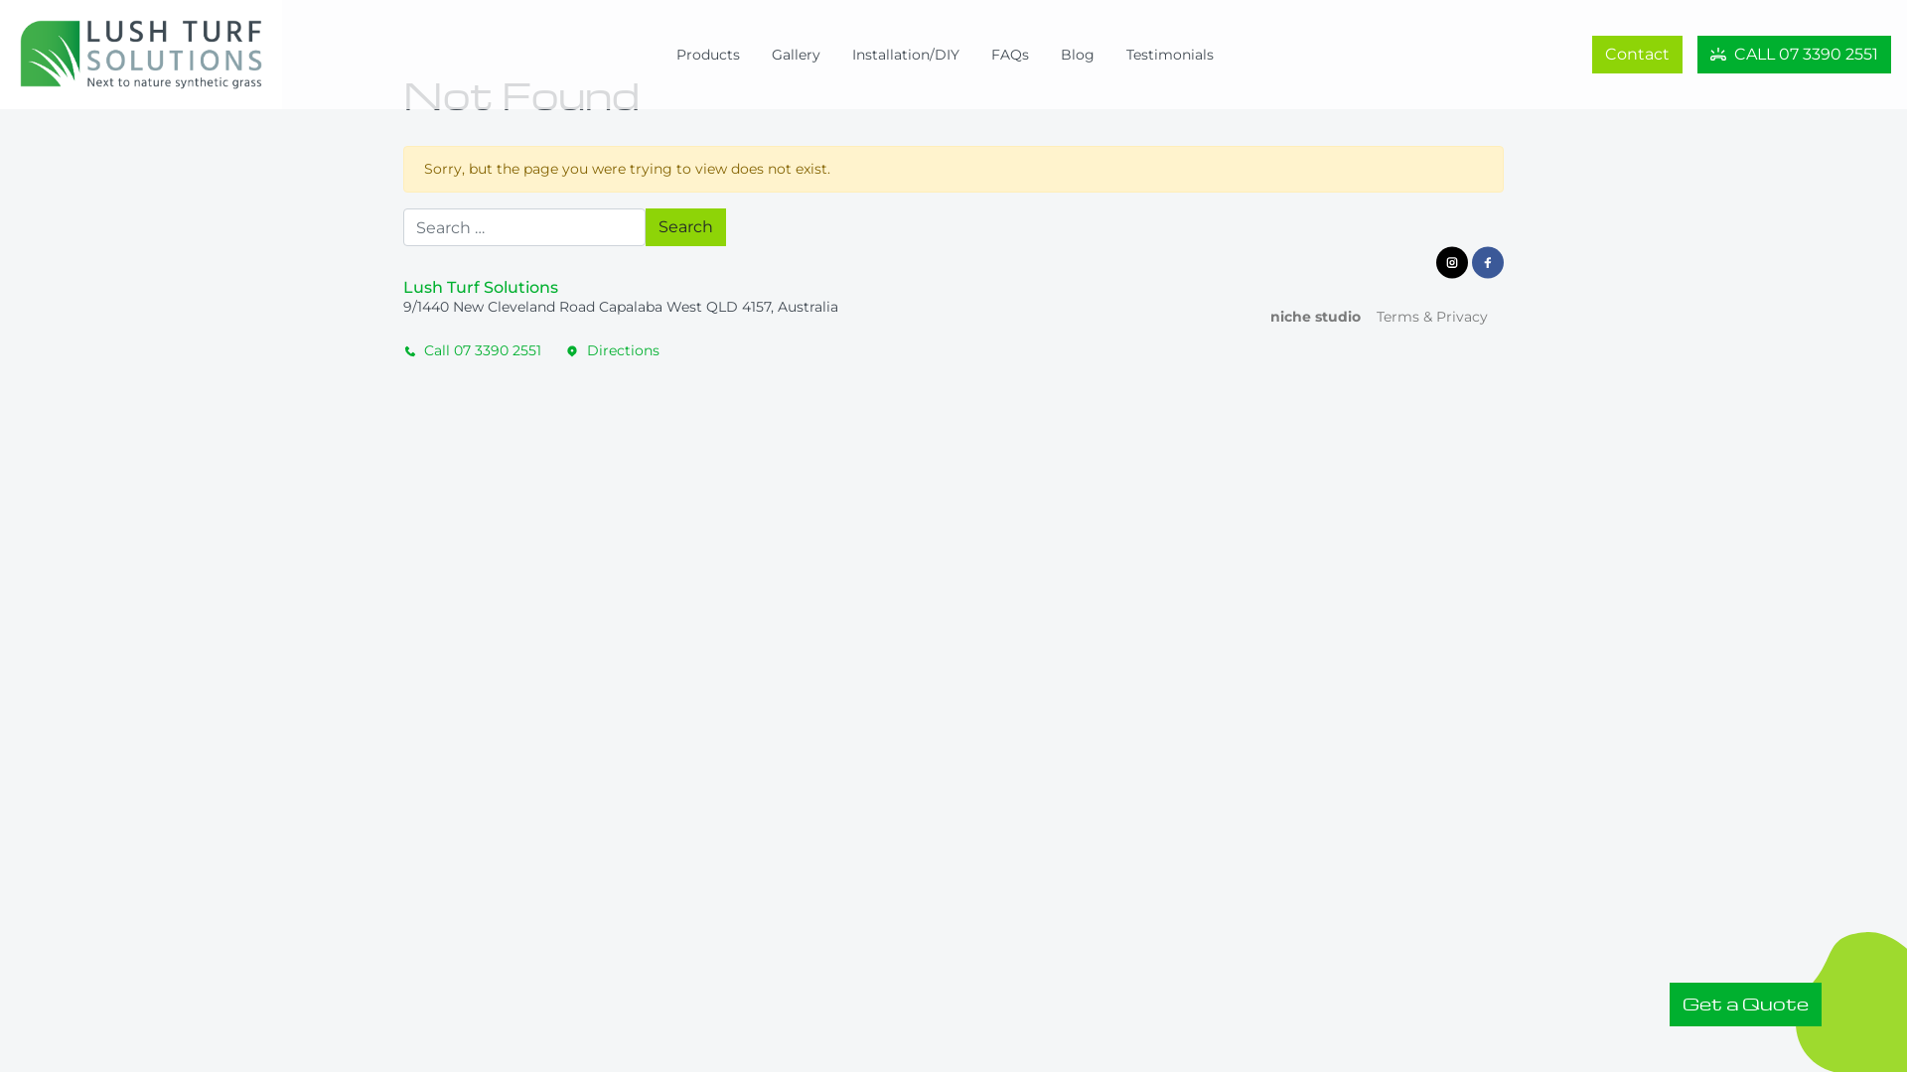 This screenshot has width=1907, height=1072. Describe the element at coordinates (1637, 53) in the screenshot. I see `'Contact'` at that location.